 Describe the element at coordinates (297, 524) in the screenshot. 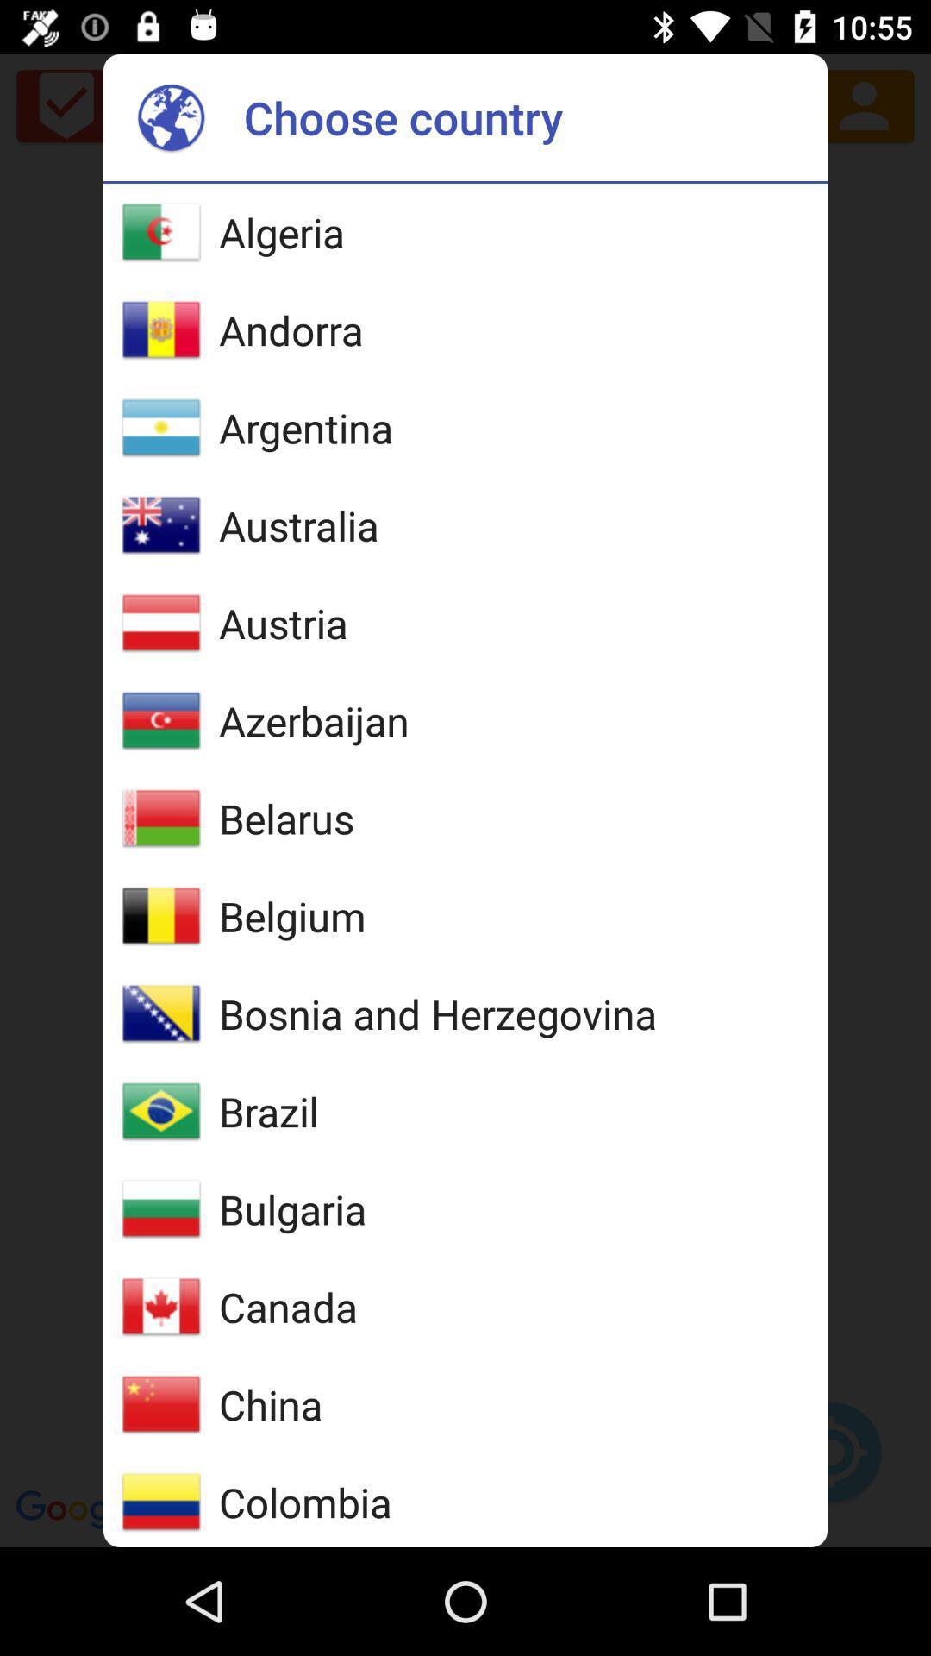

I see `australia` at that location.